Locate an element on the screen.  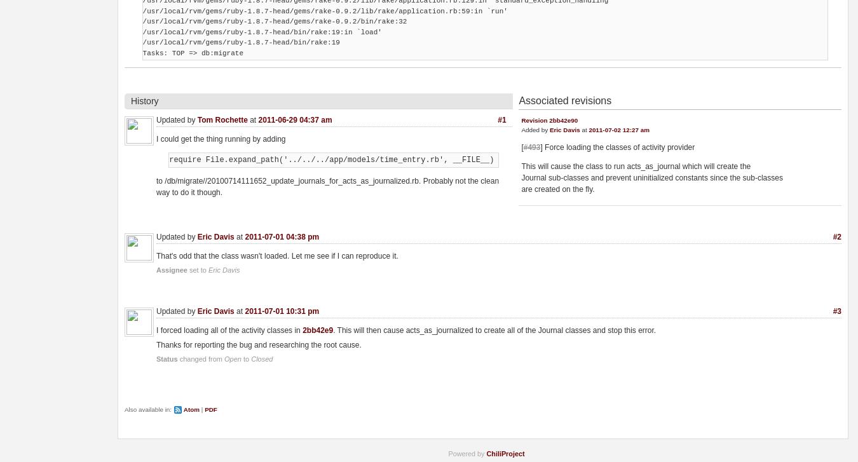
'Revision 2bb42e90' is located at coordinates (549, 120).